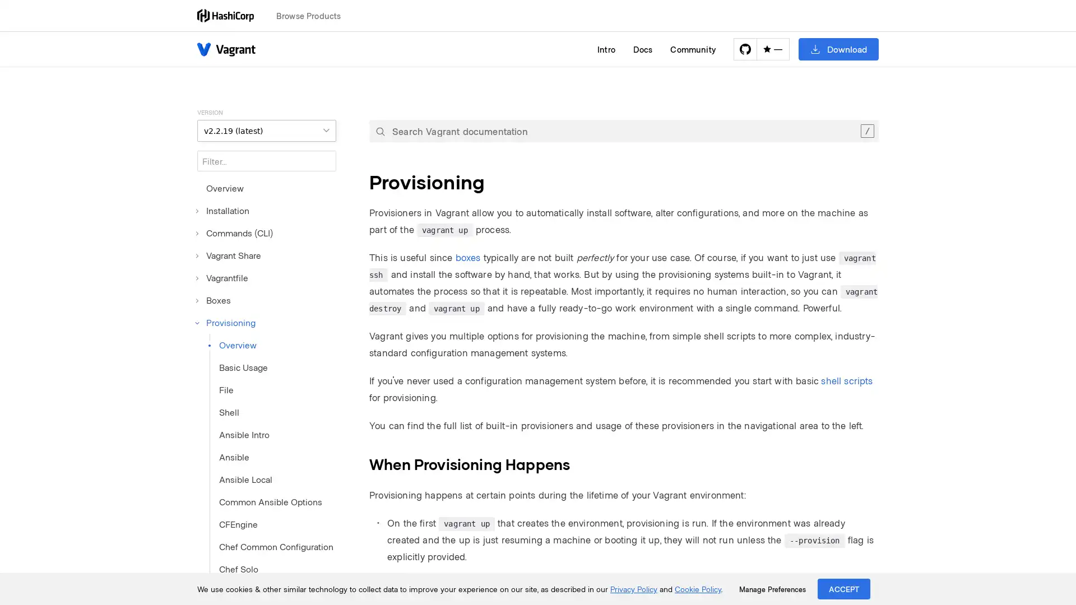 The width and height of the screenshot is (1076, 605). What do you see at coordinates (234, 232) in the screenshot?
I see `Commands (CLI)` at bounding box center [234, 232].